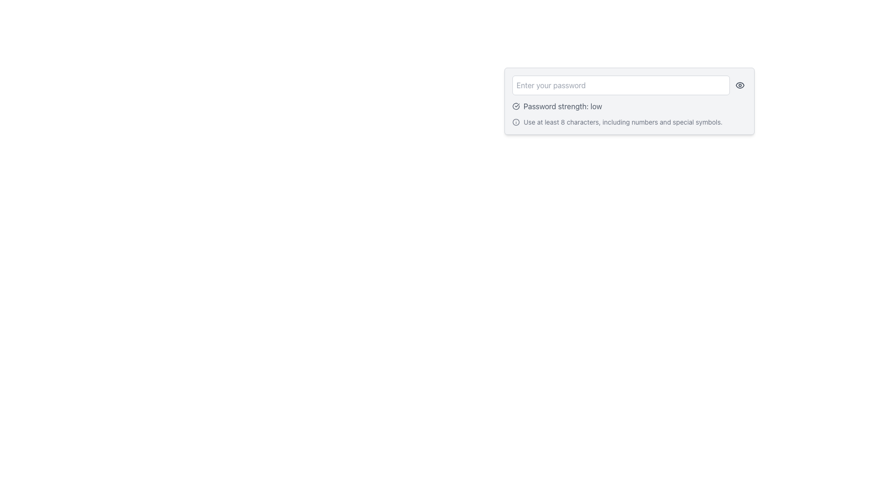  I want to click on the password input field located centrally within the viewport to type a password, so click(629, 101).